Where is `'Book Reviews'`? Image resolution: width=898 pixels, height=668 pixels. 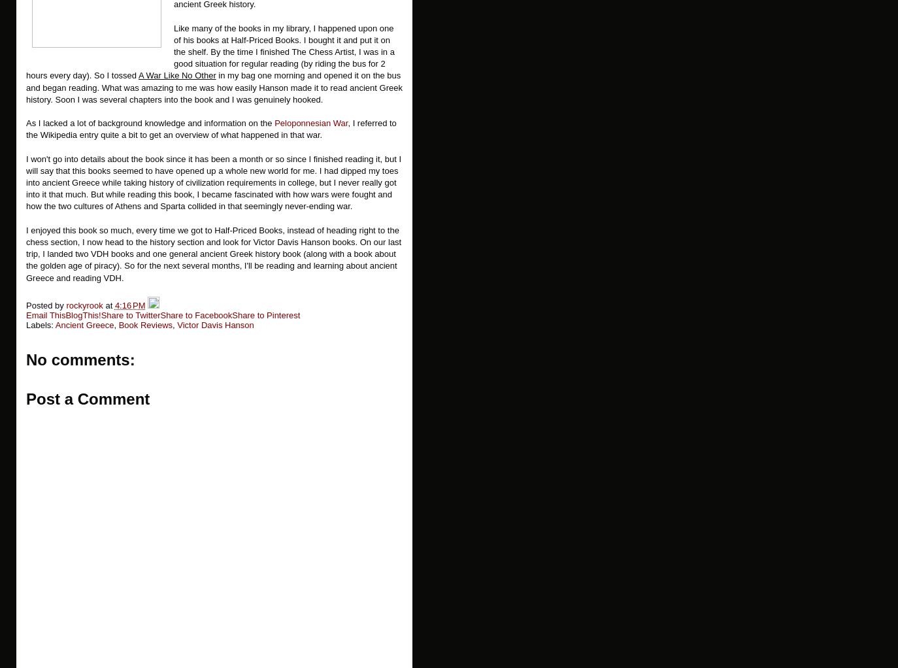 'Book Reviews' is located at coordinates (144, 325).